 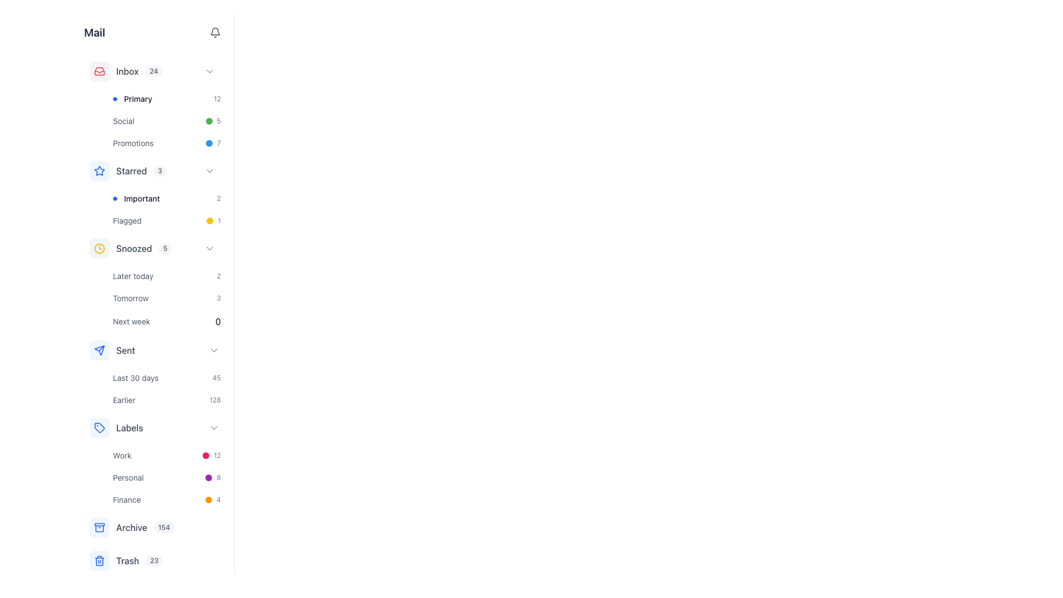 What do you see at coordinates (100, 527) in the screenshot?
I see `keyboard navigation` at bounding box center [100, 527].